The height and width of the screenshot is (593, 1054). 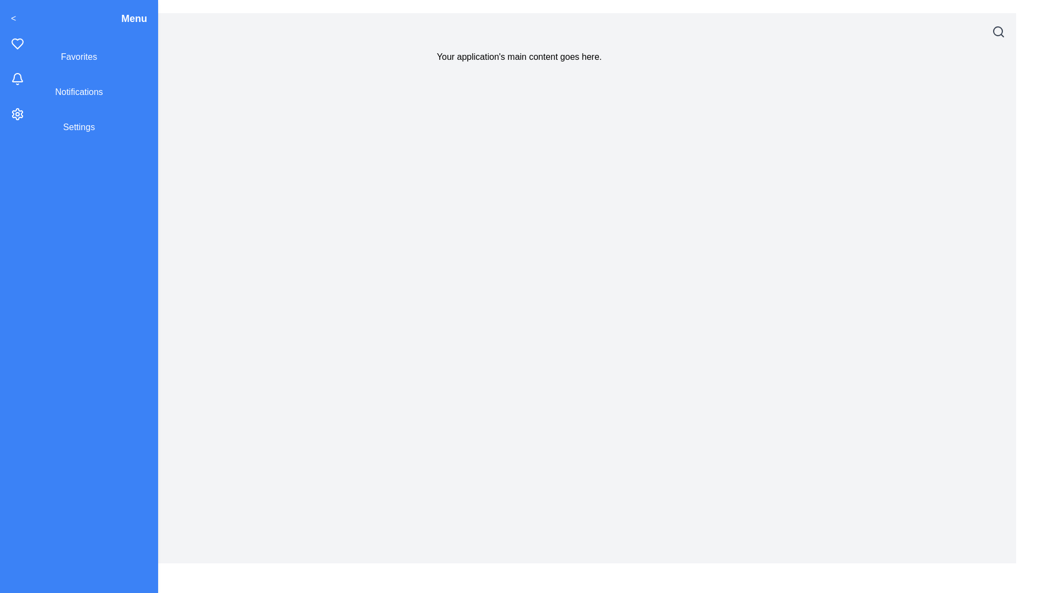 What do you see at coordinates (518, 57) in the screenshot?
I see `the dashboard text area to read its content` at bounding box center [518, 57].